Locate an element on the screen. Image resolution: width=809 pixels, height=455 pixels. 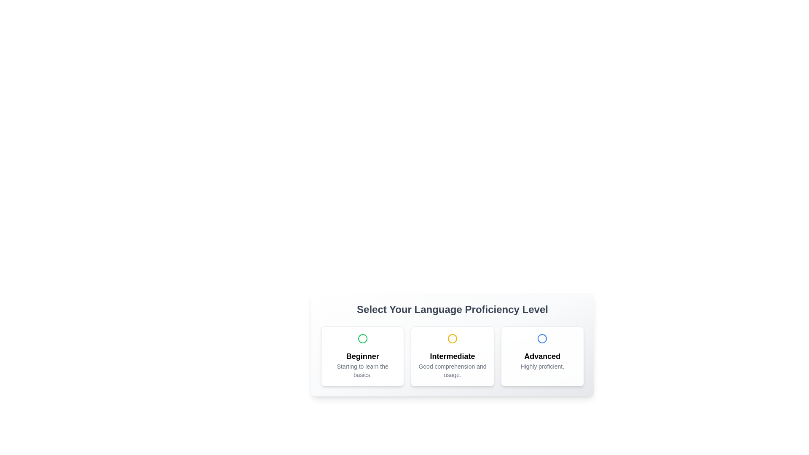
the 'Beginner' language proficiency level icon, which is positioned above the 'Beginner' label text and to the left of the description within the 'Beginner' card is located at coordinates (362, 338).